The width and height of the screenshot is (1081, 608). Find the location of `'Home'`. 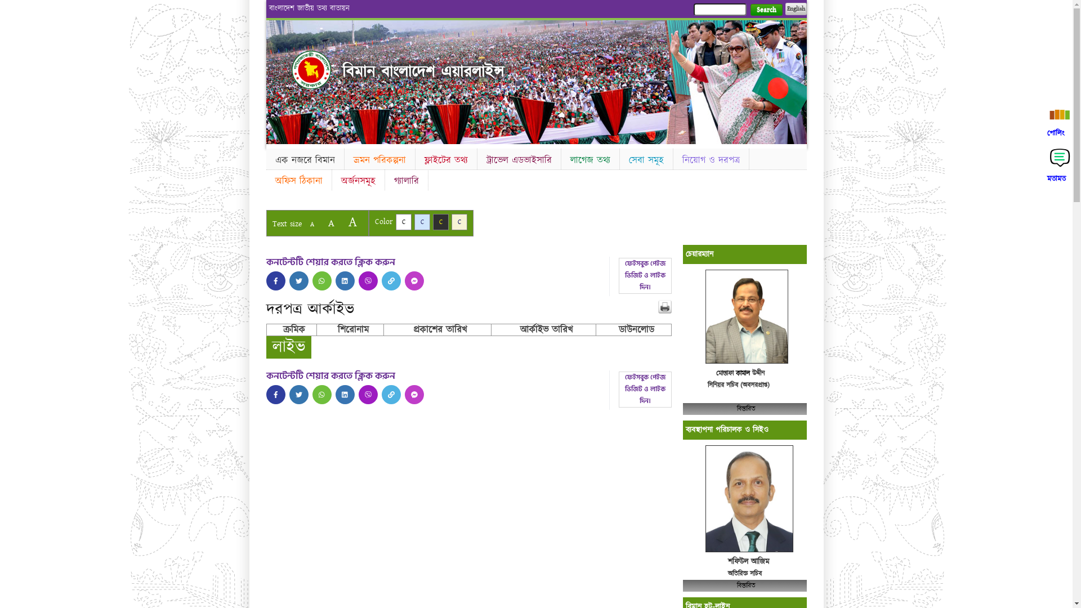

'Home' is located at coordinates (311, 69).